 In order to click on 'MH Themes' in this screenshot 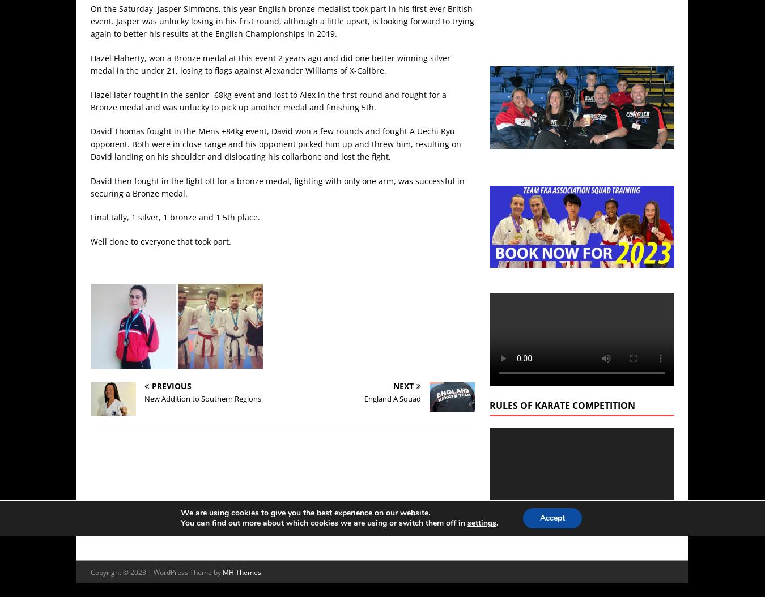, I will do `click(242, 572)`.